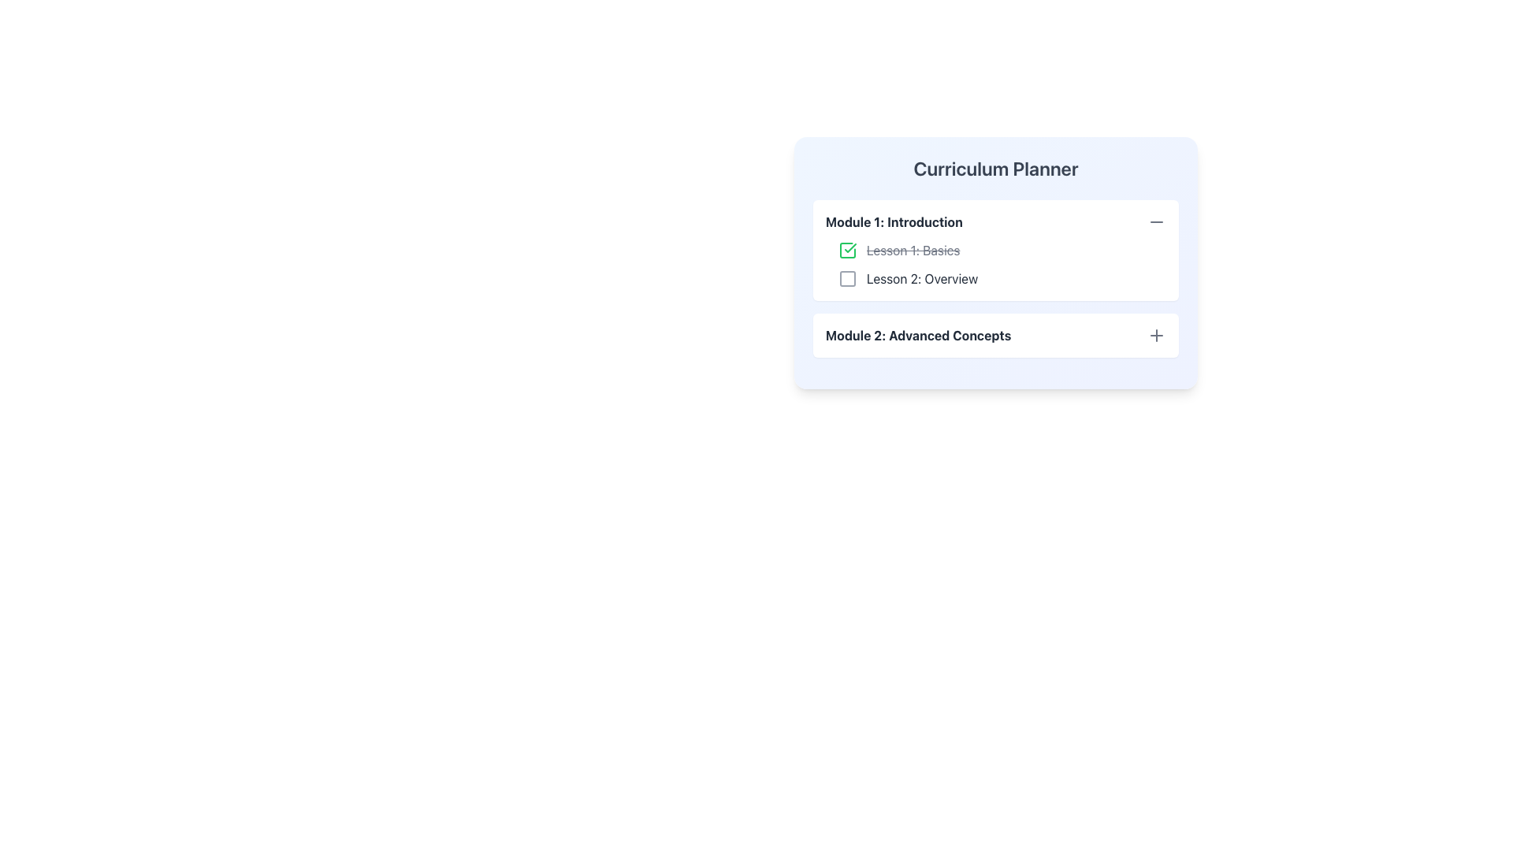  What do you see at coordinates (922, 278) in the screenshot?
I see `the text label 'Lesson 2: Overview'` at bounding box center [922, 278].